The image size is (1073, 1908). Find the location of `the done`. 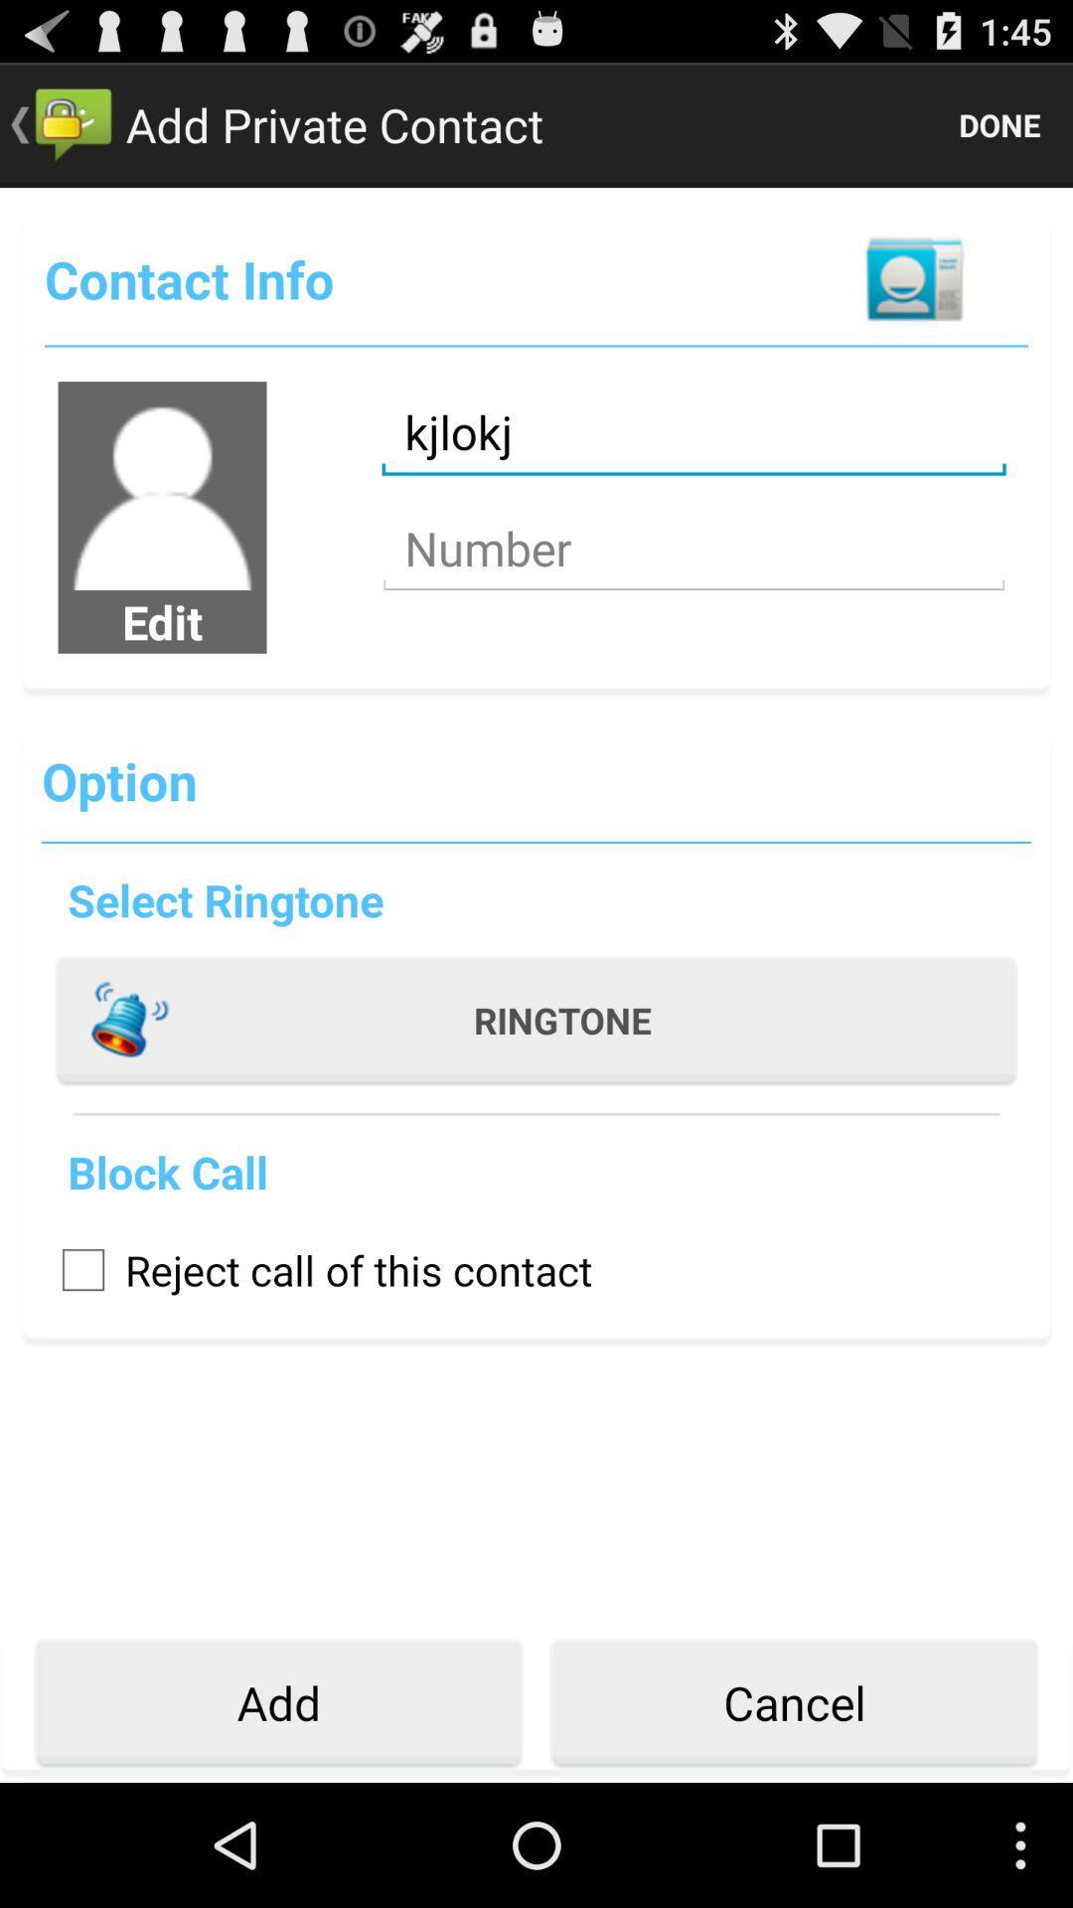

the done is located at coordinates (999, 123).